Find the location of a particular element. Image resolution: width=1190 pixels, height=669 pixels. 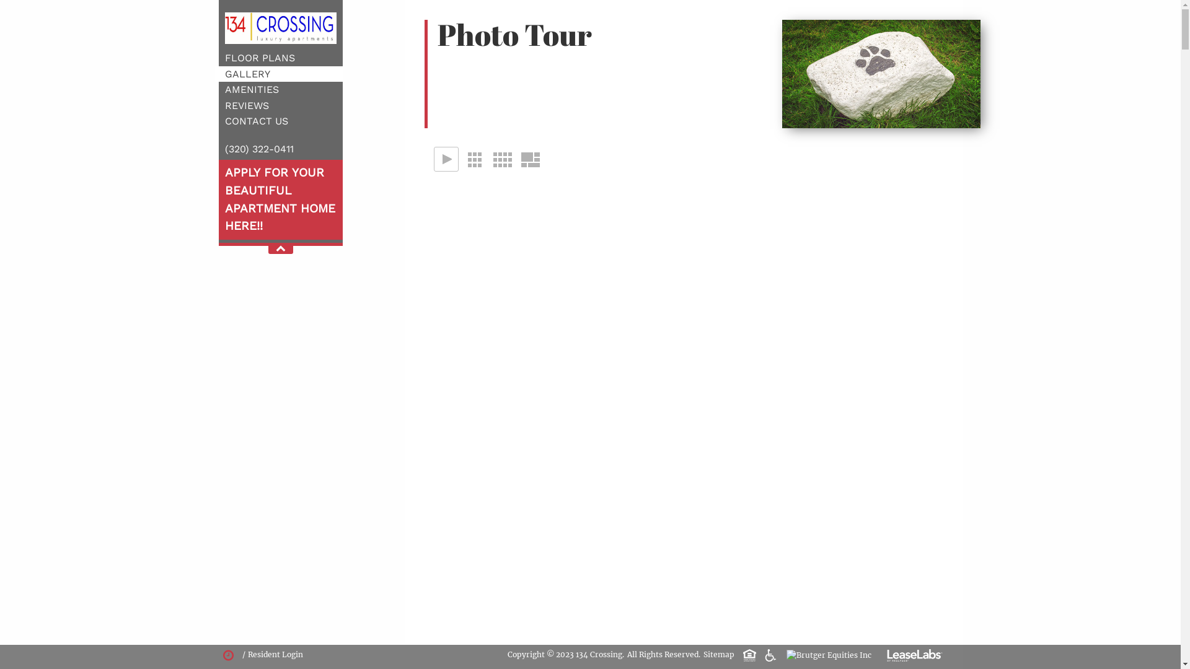

'FLOOR PLANS' is located at coordinates (258, 58).